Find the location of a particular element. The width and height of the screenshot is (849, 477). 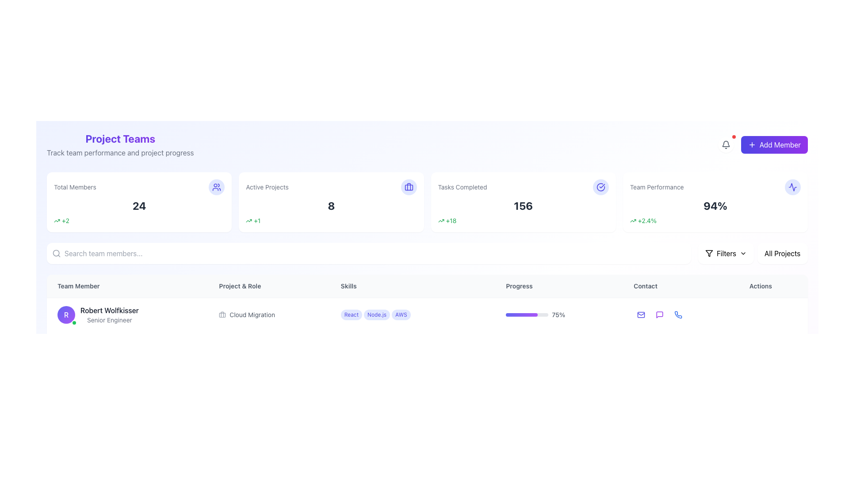

the email contact button in the 'Contact' column of the table row for 'Robert Wolfkisser' is located at coordinates (641, 314).